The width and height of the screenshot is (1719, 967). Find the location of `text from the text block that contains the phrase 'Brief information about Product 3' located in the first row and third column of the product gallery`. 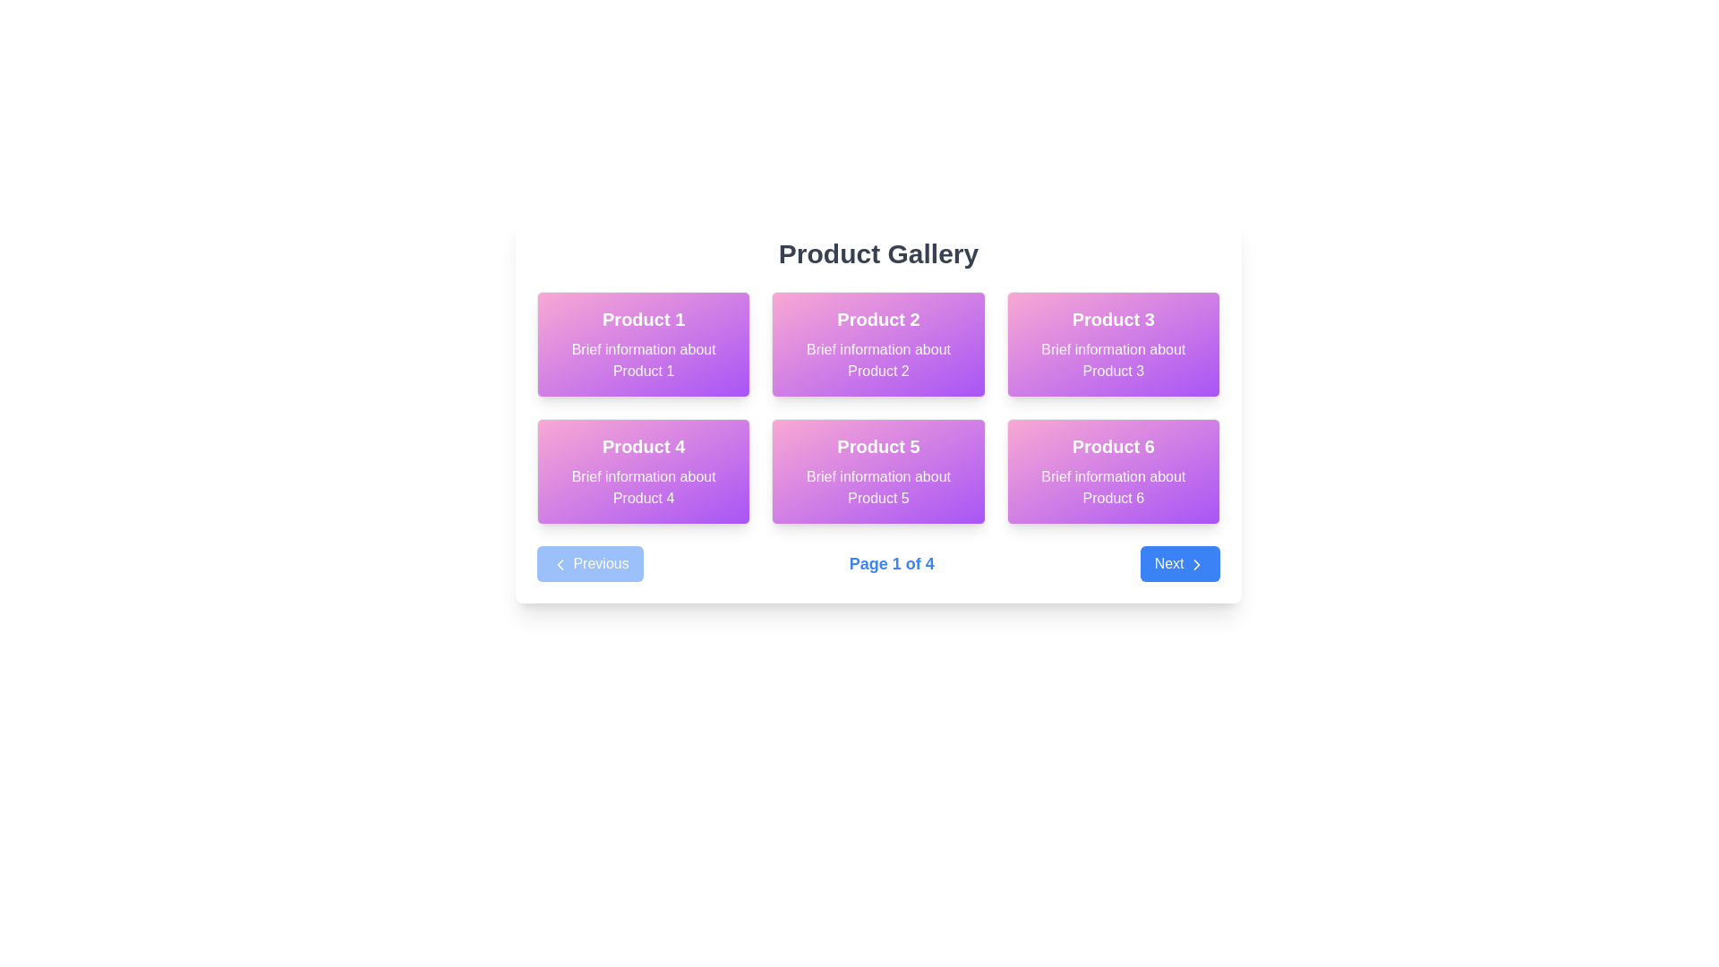

text from the text block that contains the phrase 'Brief information about Product 3' located in the first row and third column of the product gallery is located at coordinates (1112, 360).